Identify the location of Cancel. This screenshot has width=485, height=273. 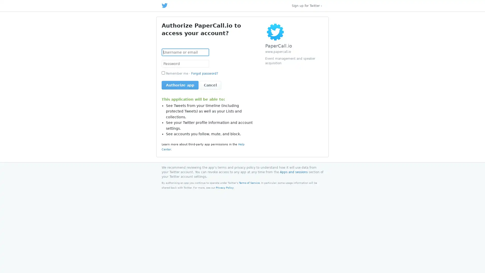
(210, 85).